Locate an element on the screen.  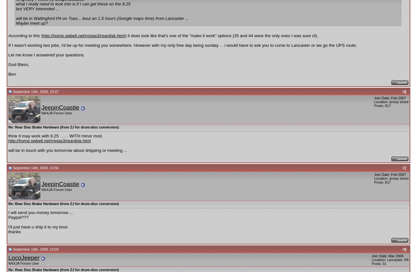
'Let me know I answered your questions.' is located at coordinates (46, 54).